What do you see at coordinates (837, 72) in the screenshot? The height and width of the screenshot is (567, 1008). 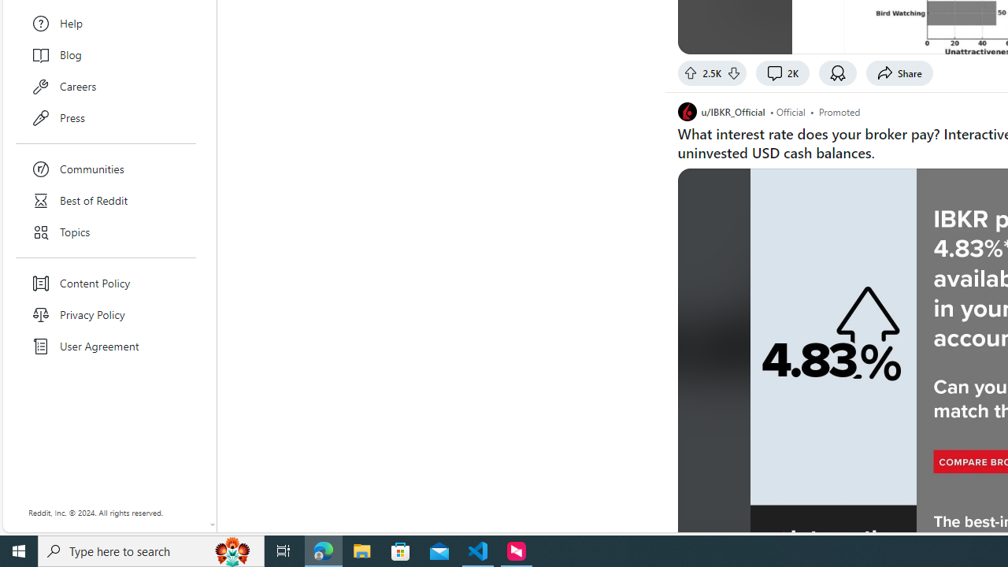 I see `'Give award'` at bounding box center [837, 72].